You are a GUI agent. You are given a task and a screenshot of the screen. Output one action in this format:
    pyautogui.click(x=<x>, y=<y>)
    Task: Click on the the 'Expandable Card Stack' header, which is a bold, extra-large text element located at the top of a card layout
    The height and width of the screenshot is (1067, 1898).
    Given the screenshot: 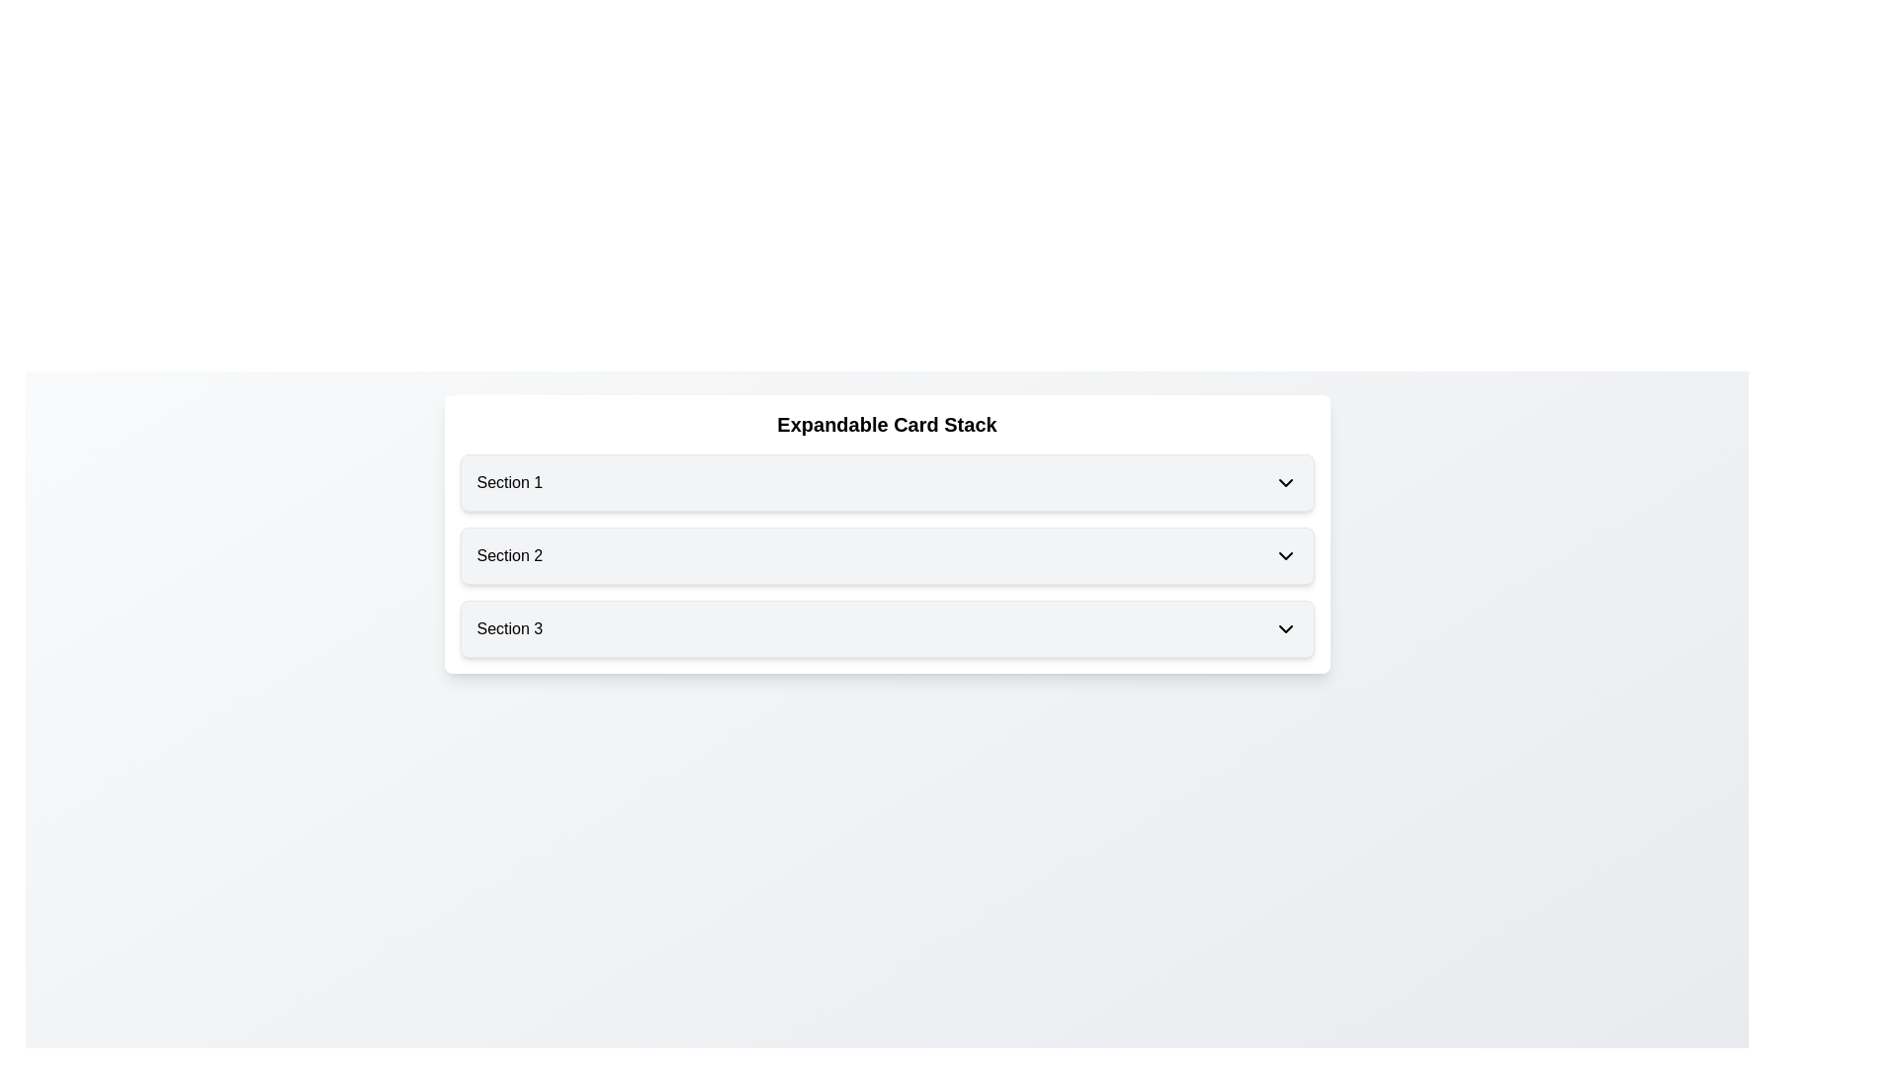 What is the action you would take?
    pyautogui.click(x=886, y=423)
    